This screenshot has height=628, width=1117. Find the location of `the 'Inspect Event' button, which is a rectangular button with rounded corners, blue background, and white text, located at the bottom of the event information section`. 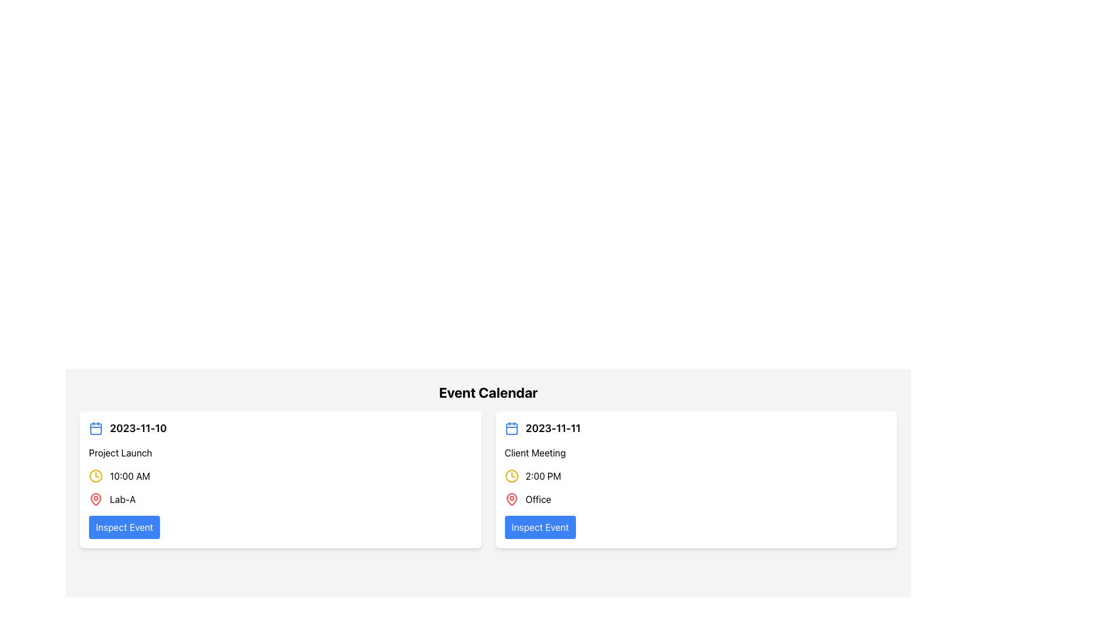

the 'Inspect Event' button, which is a rectangular button with rounded corners, blue background, and white text, located at the bottom of the event information section is located at coordinates (124, 527).